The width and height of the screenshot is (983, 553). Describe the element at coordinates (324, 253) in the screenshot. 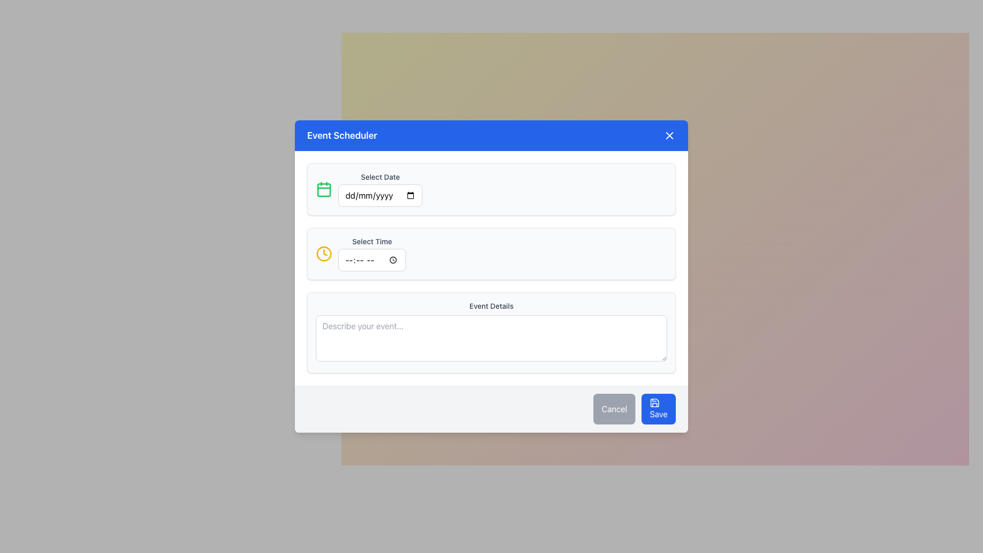

I see `the circular yellow clock icon located to the left of the 'Select Time' text for auxiliary actions` at that location.